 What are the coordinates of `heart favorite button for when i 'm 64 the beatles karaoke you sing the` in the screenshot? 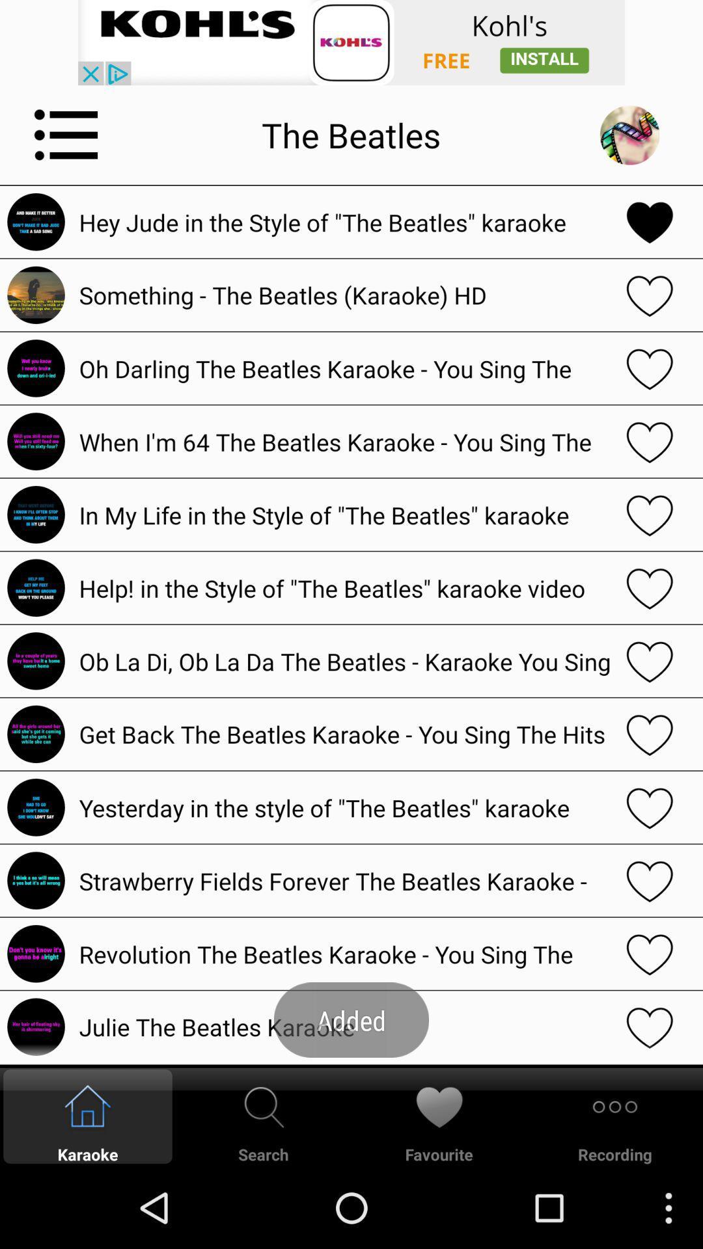 It's located at (650, 441).